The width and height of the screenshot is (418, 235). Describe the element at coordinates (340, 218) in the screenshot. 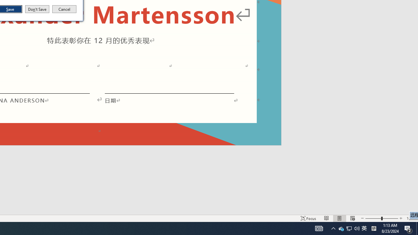

I see `'Print Layout'` at that location.